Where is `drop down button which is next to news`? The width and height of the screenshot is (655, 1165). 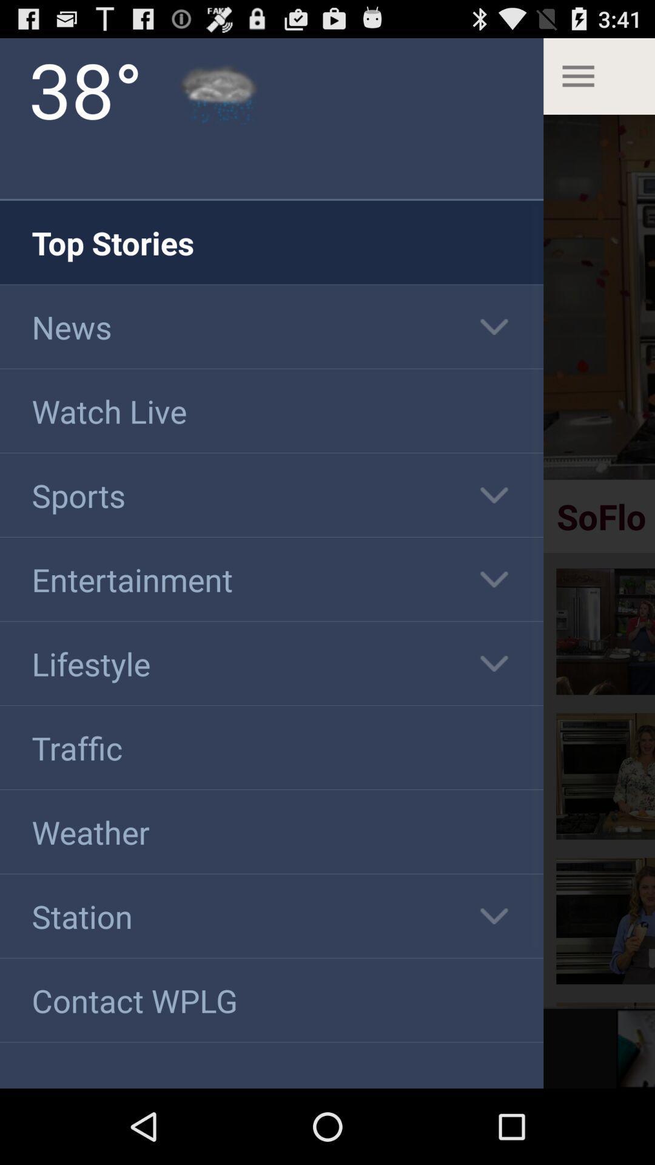
drop down button which is next to news is located at coordinates (494, 326).